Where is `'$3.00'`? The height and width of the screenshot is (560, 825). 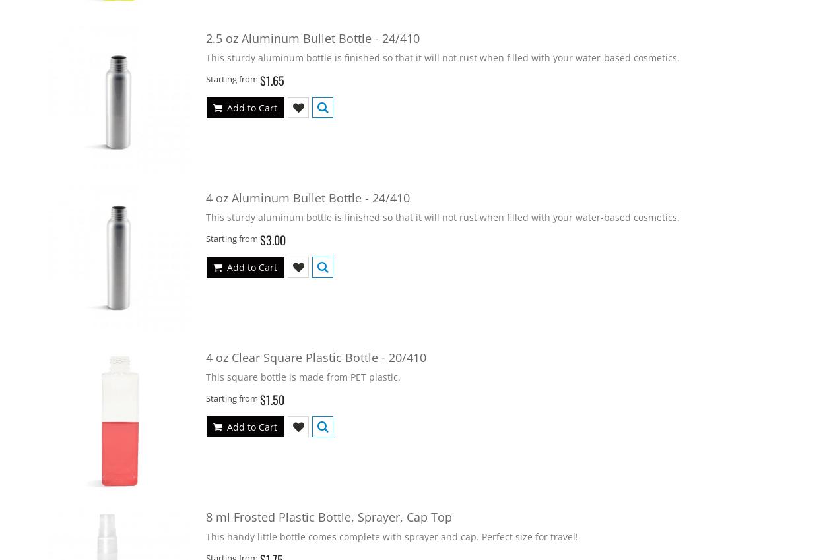
'$3.00' is located at coordinates (273, 239).